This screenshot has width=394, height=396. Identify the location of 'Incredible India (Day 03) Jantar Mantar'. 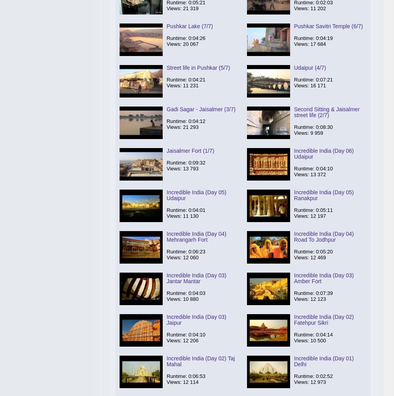
(196, 278).